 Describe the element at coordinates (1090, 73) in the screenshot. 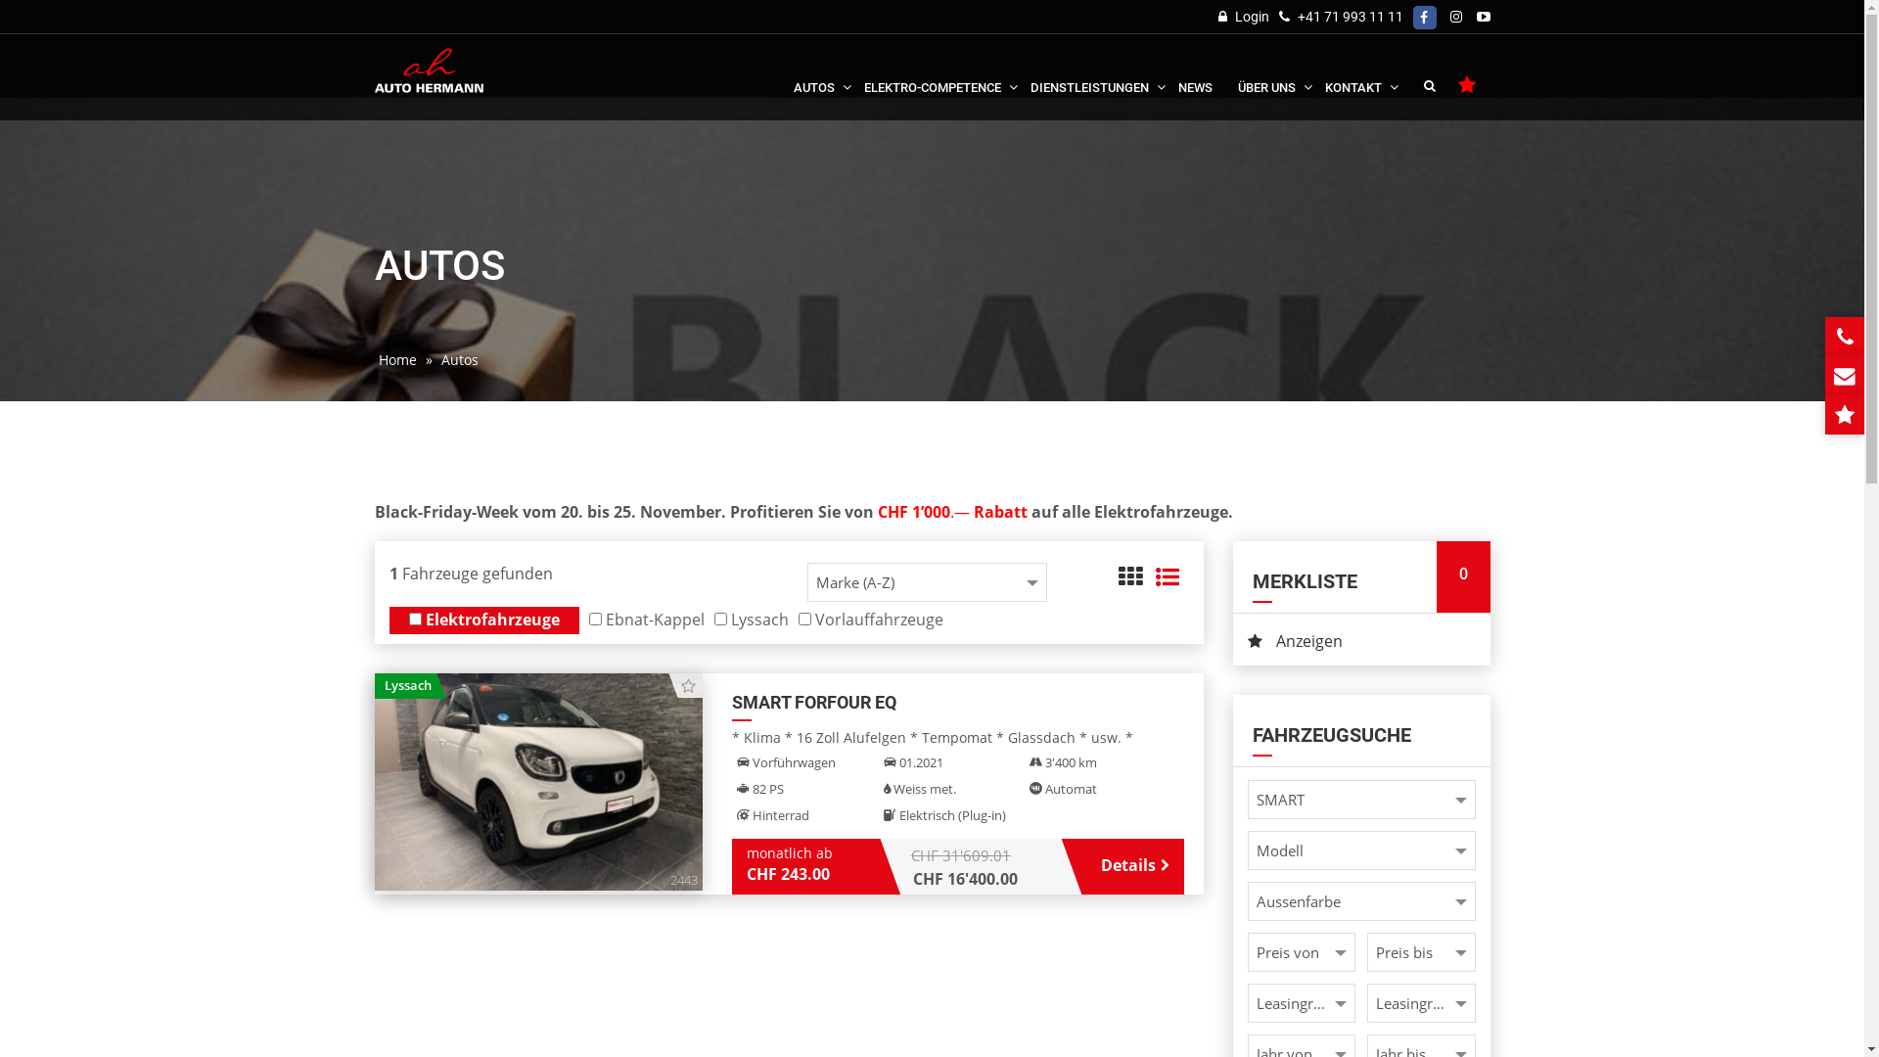

I see `'DIENSTLEISTUNGEN'` at that location.